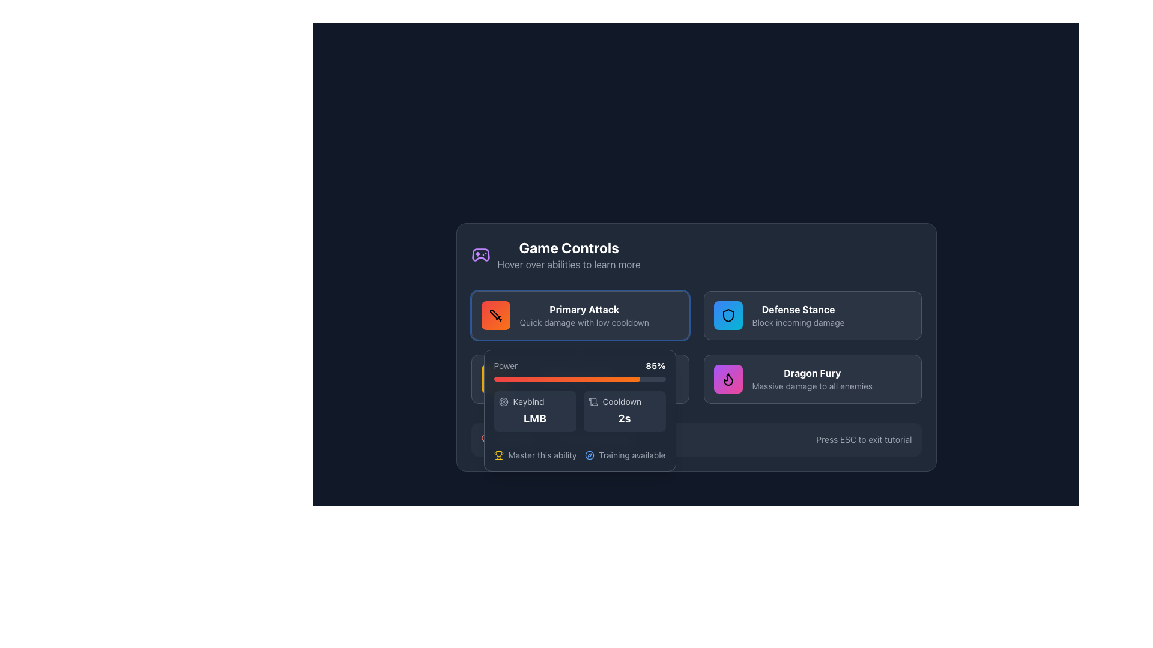  I want to click on the 'Defense Stance' text label, which displays the text in bold white on a dark background, positioned in the upper-right area of the modal interface, so click(798, 309).